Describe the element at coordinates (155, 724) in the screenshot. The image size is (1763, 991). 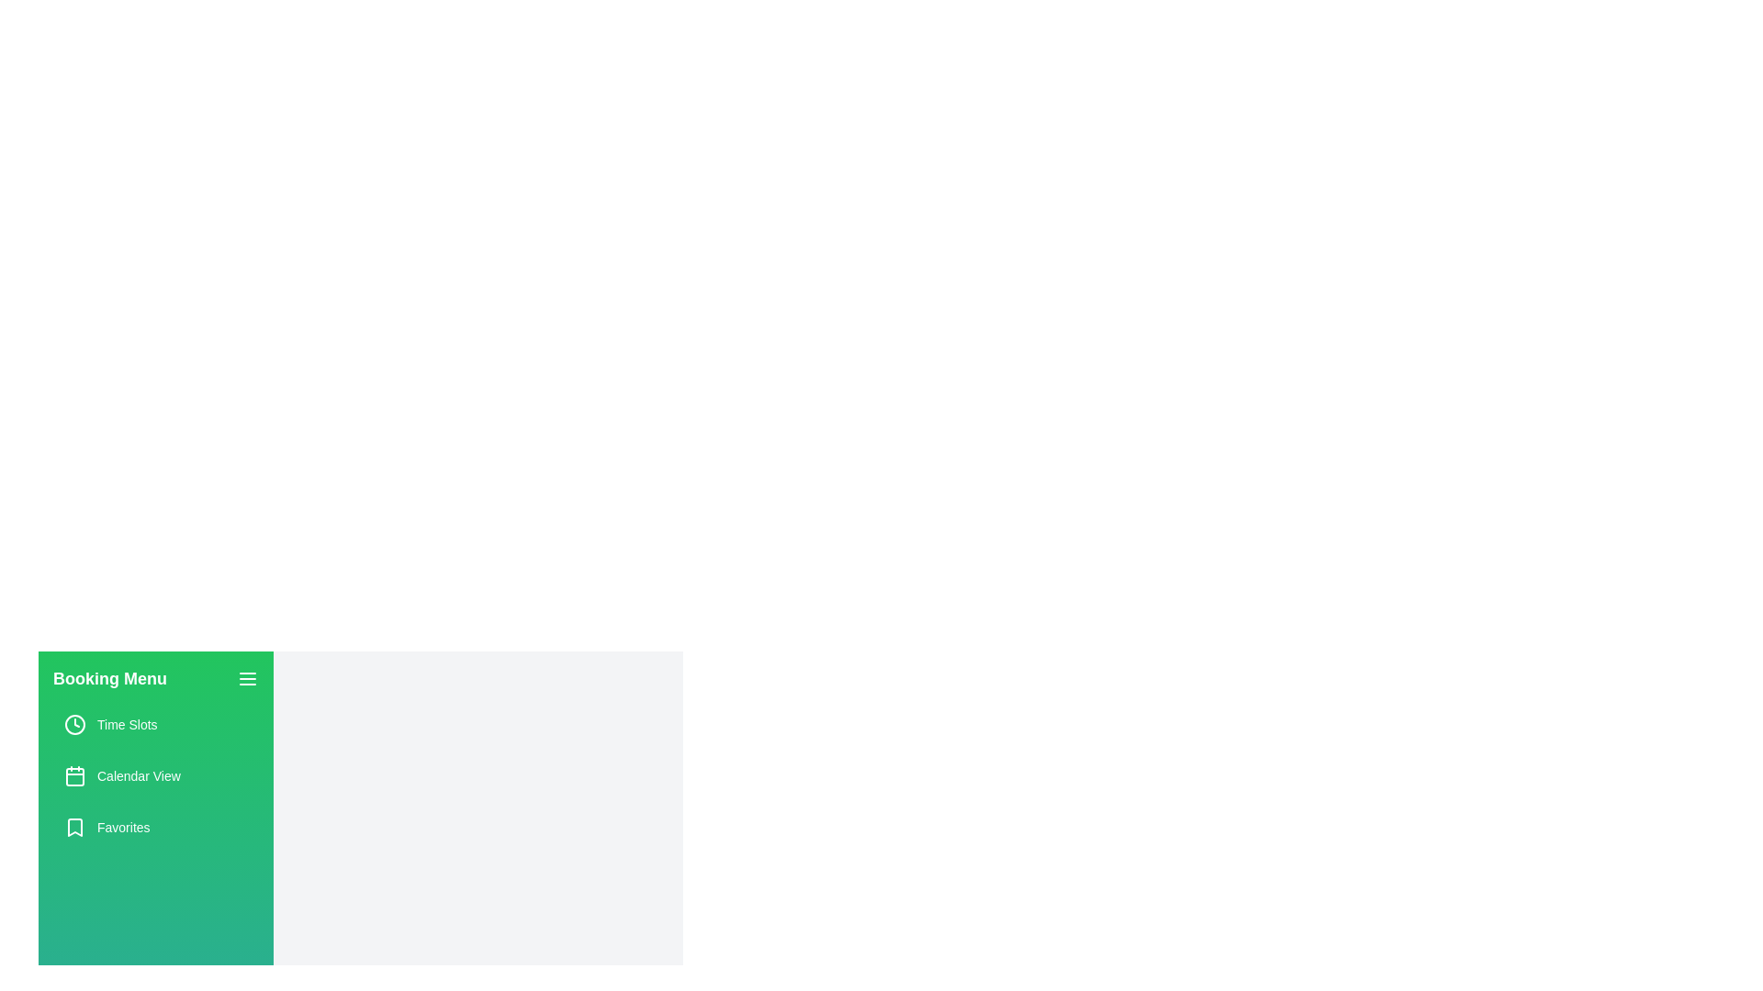
I see `the menu option Time Slots` at that location.